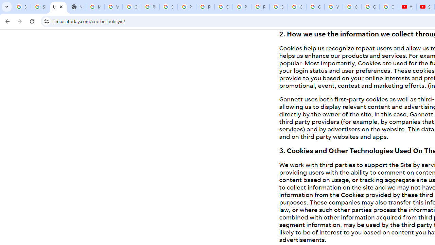 This screenshot has width=435, height=245. What do you see at coordinates (407, 7) in the screenshot?
I see `'YouTube'` at bounding box center [407, 7].